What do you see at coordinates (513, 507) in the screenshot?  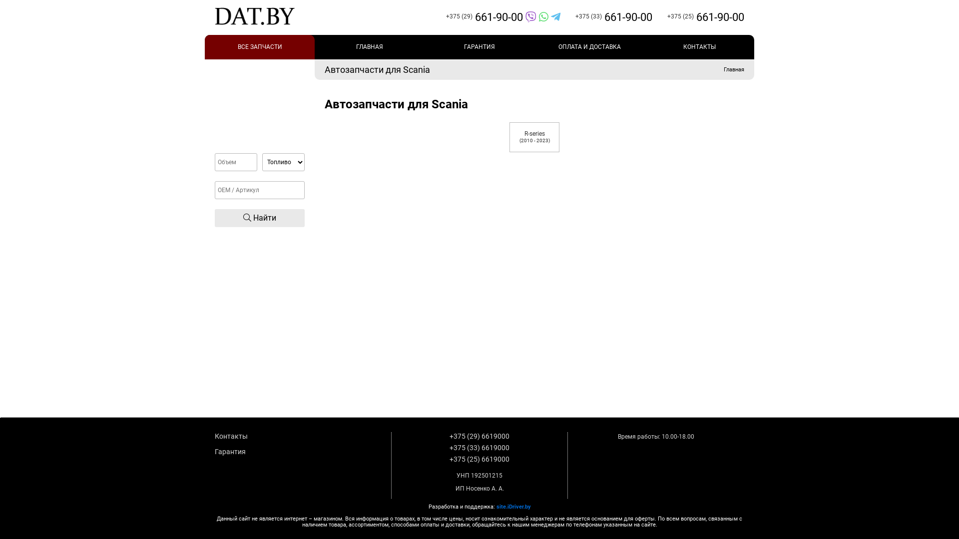 I see `'site.iDriver.by'` at bounding box center [513, 507].